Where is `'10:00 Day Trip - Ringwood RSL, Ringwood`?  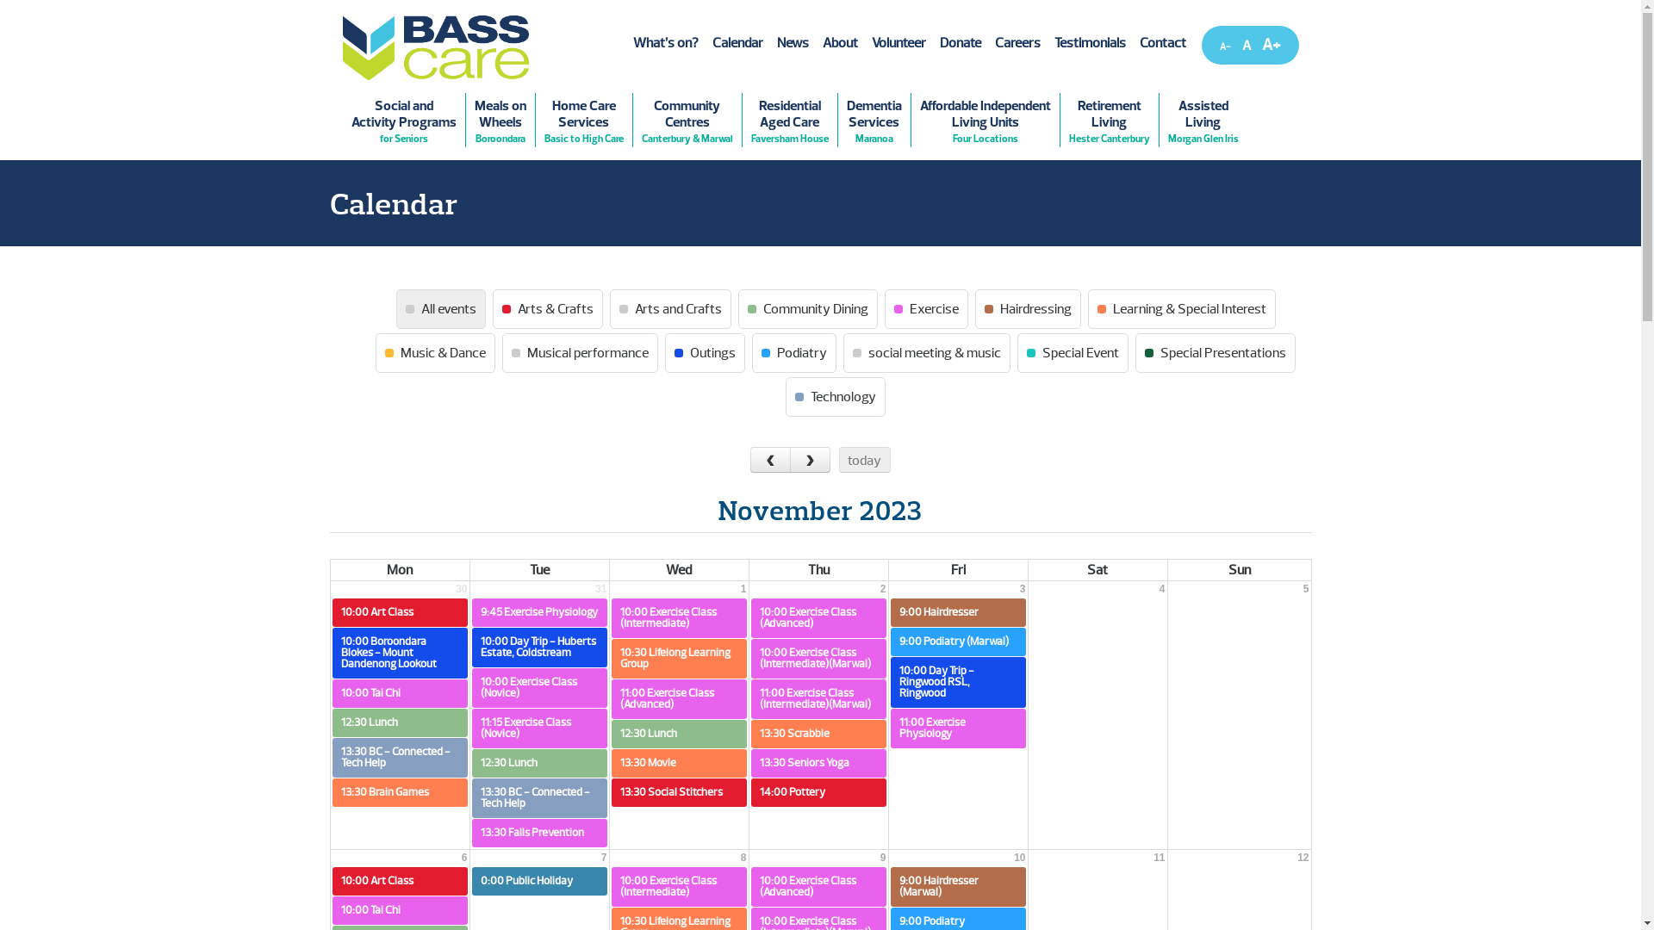 '10:00 Day Trip - Ringwood RSL, Ringwood is located at coordinates (957, 681).